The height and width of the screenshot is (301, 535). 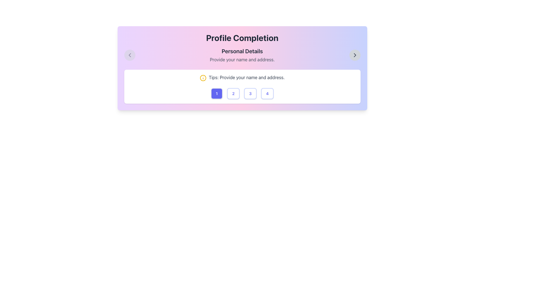 I want to click on the third step indicator button in the Profile Completion section, so click(x=250, y=93).